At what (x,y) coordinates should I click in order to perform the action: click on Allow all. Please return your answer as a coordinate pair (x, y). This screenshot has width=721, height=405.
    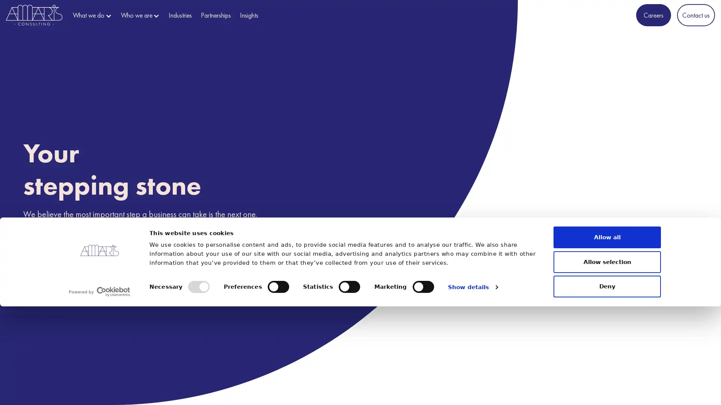
    Looking at the image, I should click on (607, 335).